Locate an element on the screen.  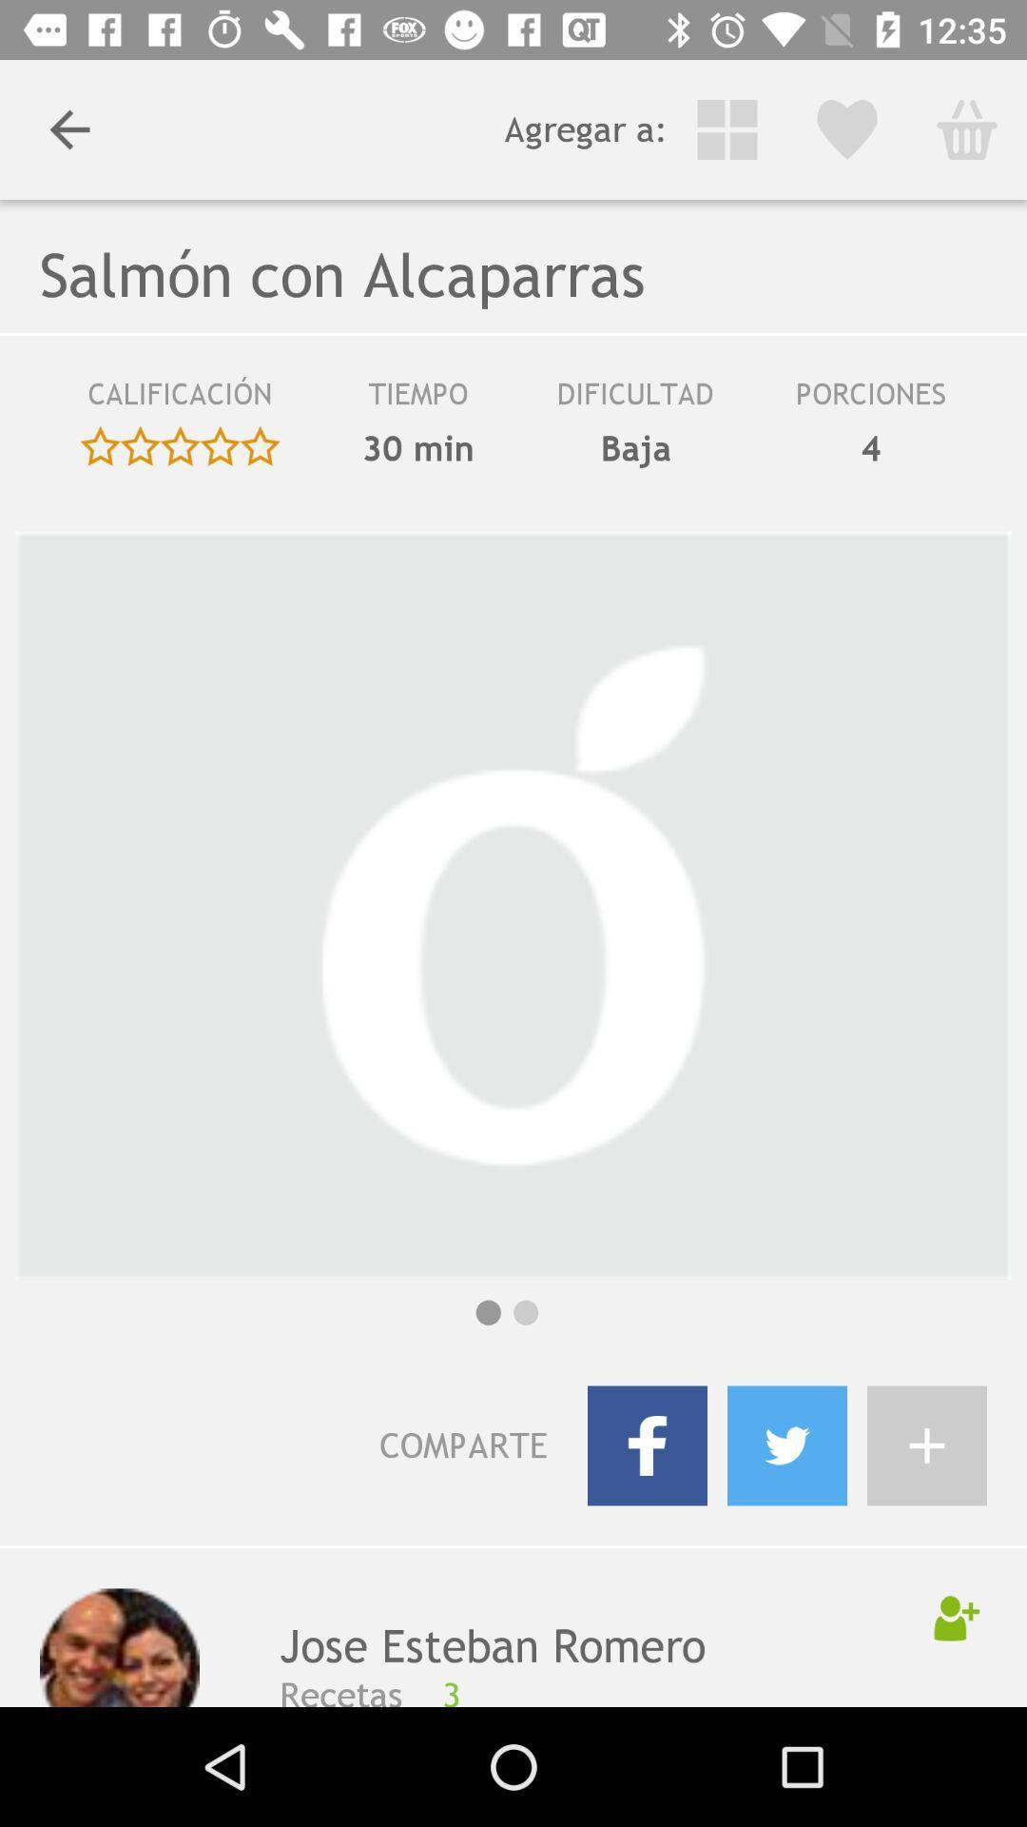
the item next to the 30 min icon is located at coordinates (635, 447).